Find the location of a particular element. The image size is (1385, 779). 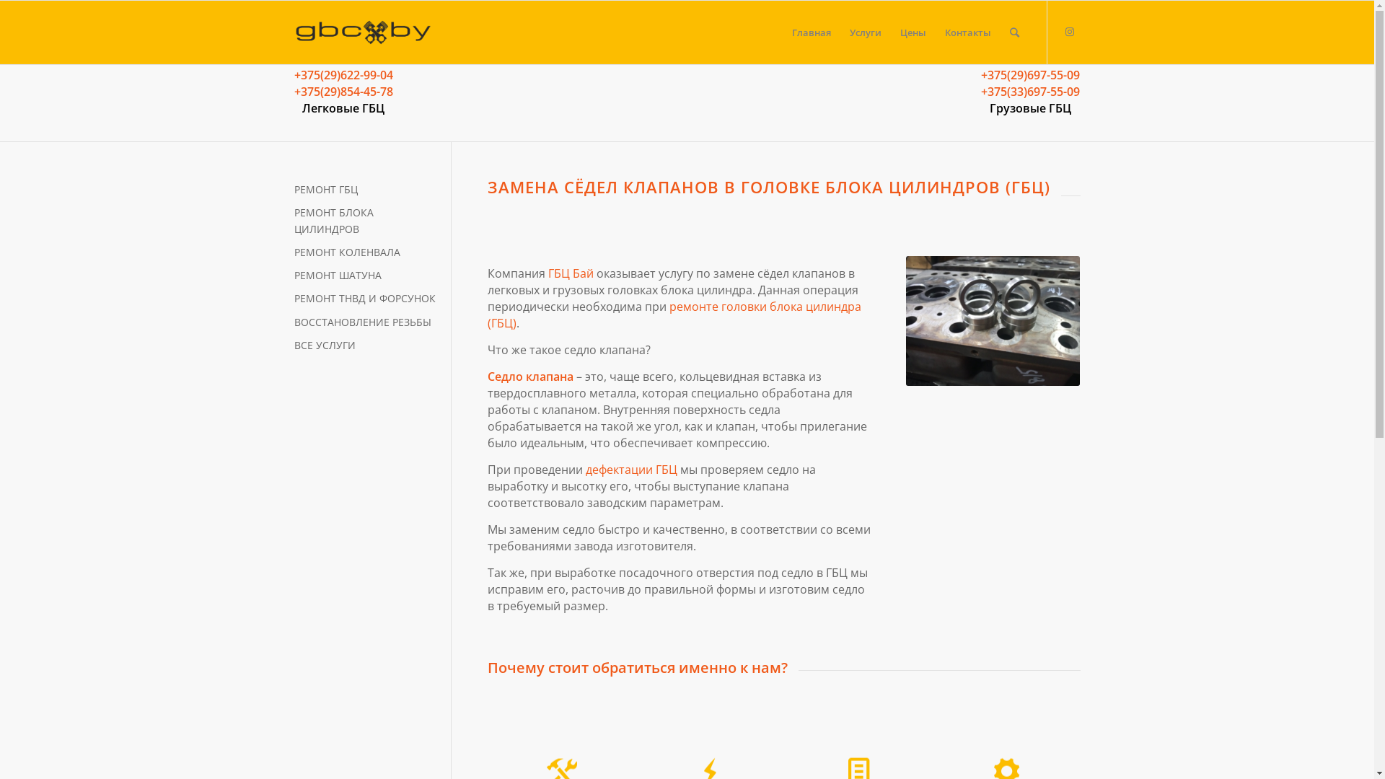

'+375(33)697-55-09' is located at coordinates (980, 92).